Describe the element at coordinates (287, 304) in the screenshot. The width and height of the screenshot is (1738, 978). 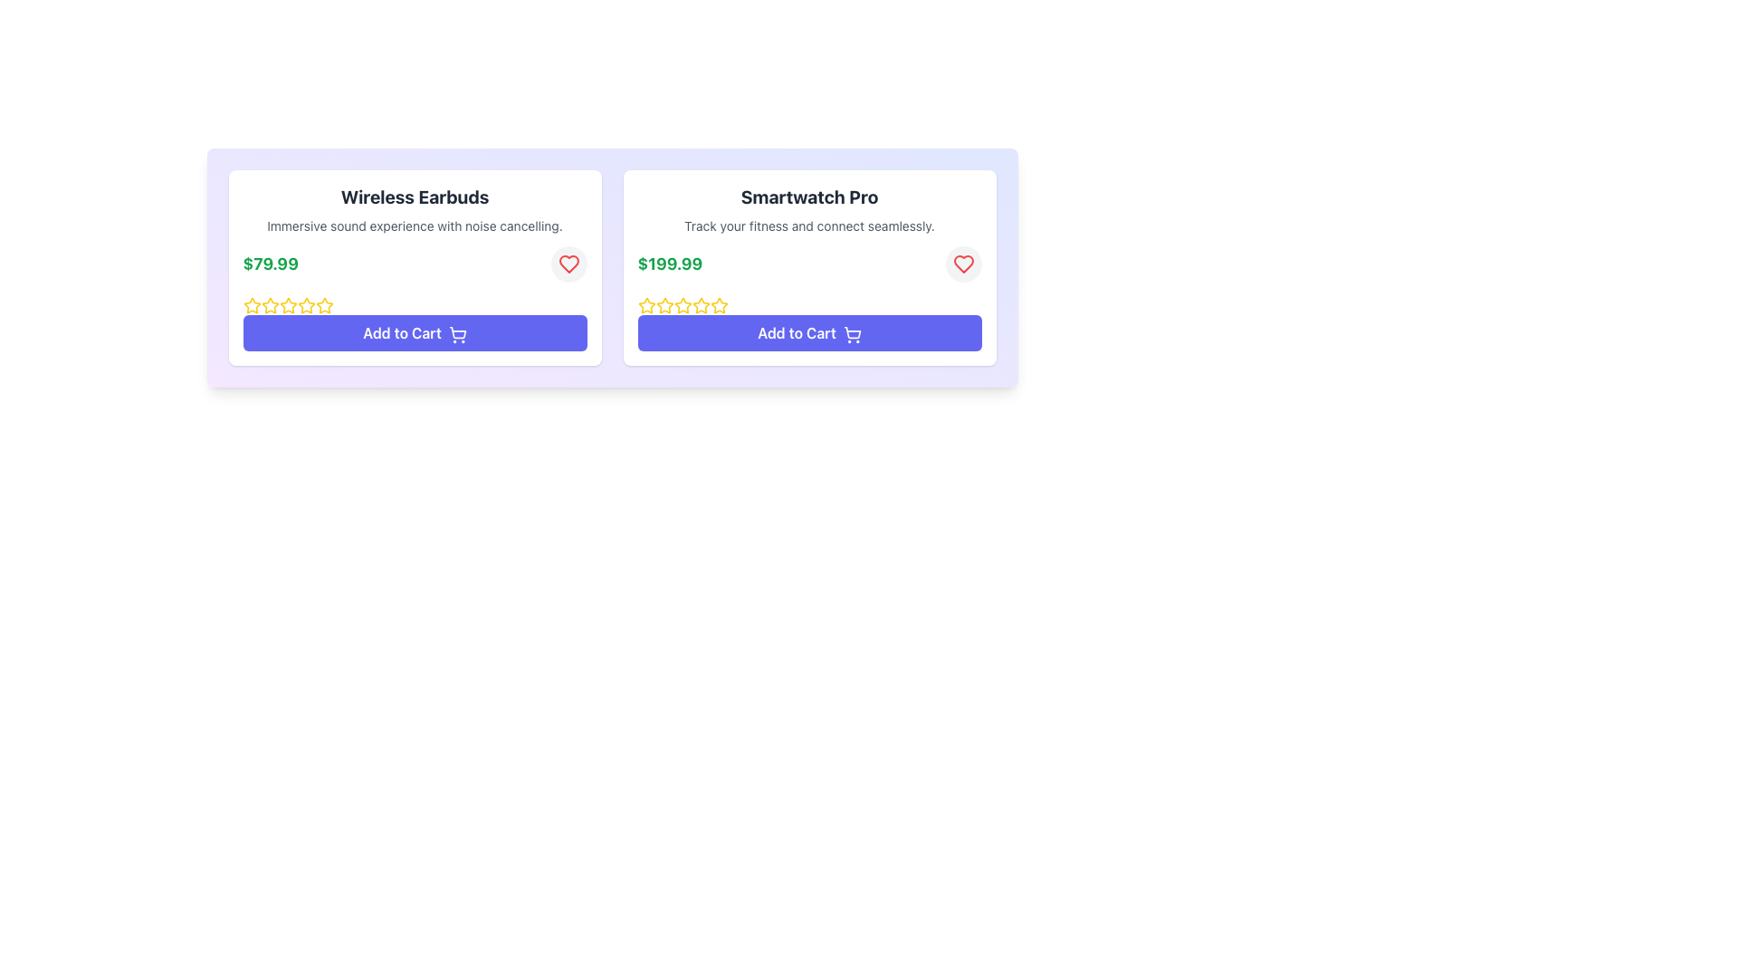
I see `the first star icon in the five-star rating system to rate the product 'Wireless Earbuds'` at that location.